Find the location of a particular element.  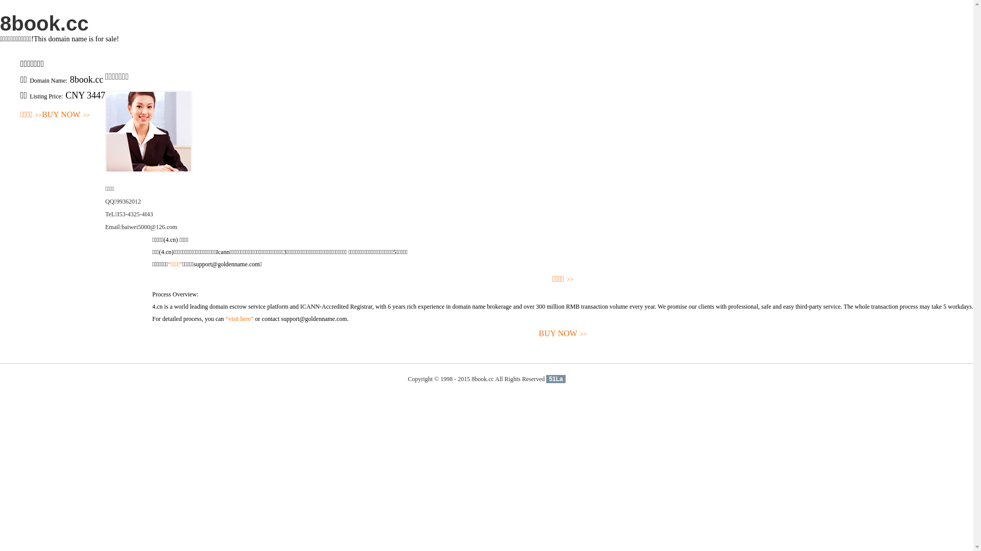

'BUY NOW>>' is located at coordinates (562, 334).